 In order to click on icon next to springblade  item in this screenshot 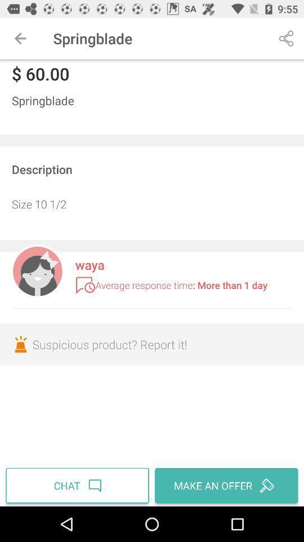, I will do `click(286, 38)`.